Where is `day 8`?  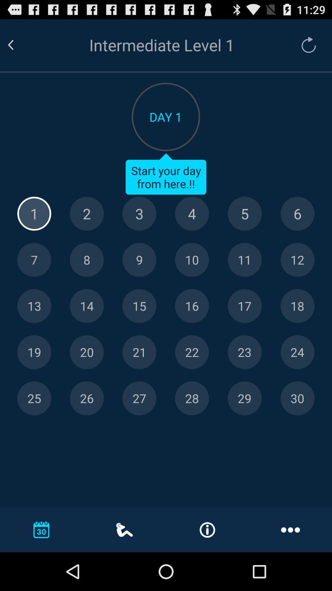
day 8 is located at coordinates (87, 260).